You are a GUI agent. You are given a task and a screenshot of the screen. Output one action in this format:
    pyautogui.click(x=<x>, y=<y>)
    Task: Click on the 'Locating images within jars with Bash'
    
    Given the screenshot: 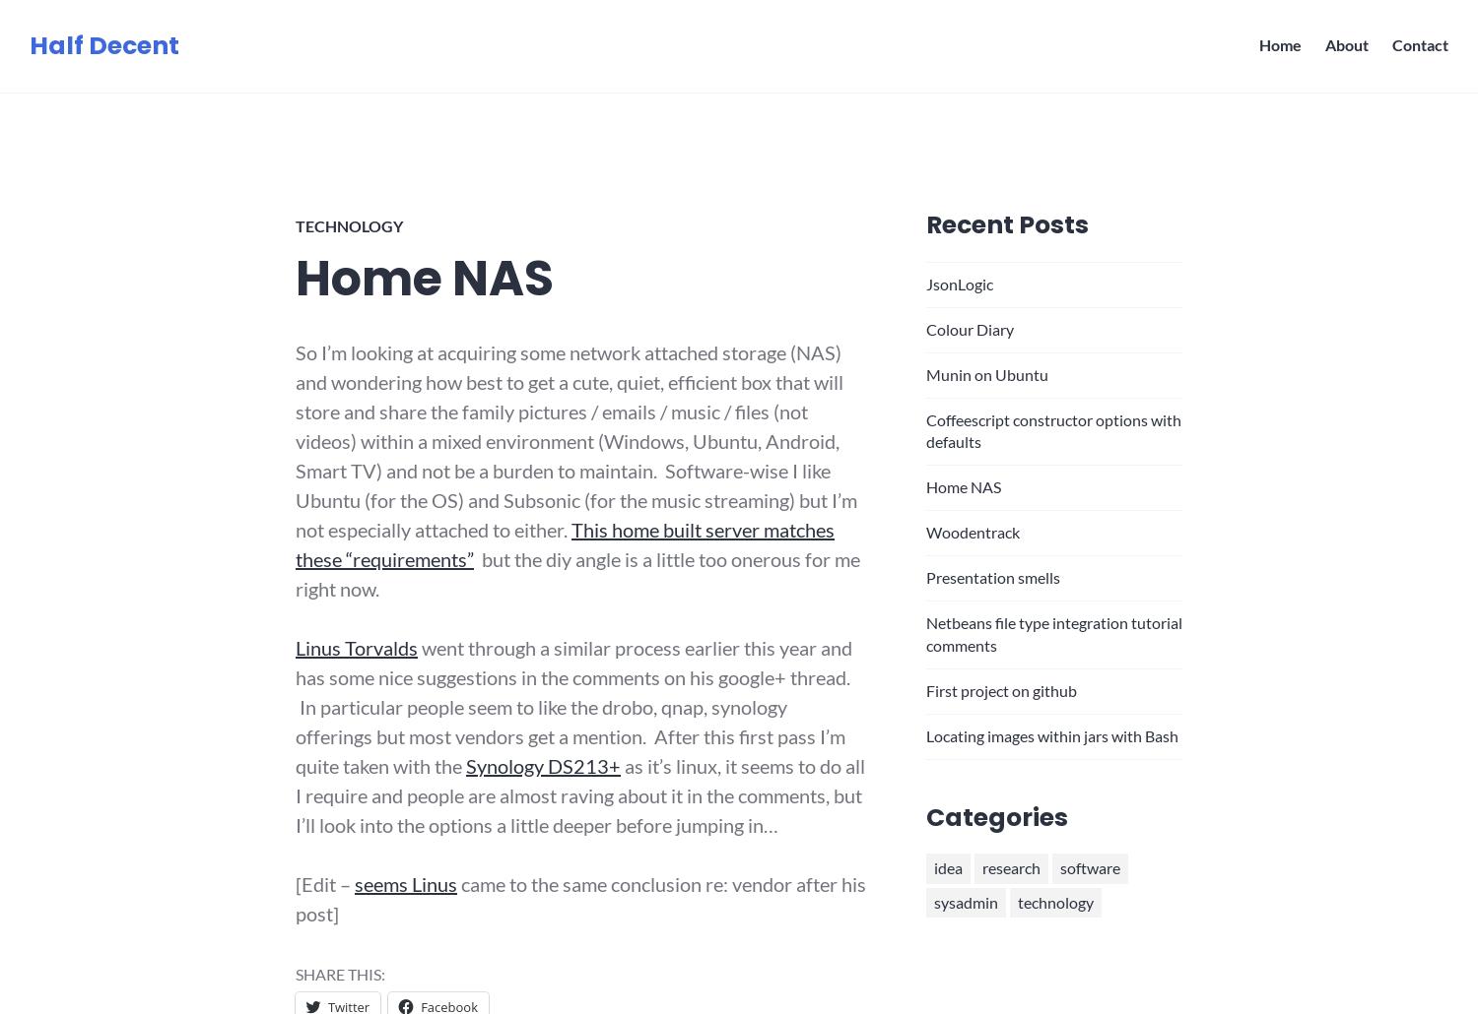 What is the action you would take?
    pyautogui.click(x=924, y=734)
    